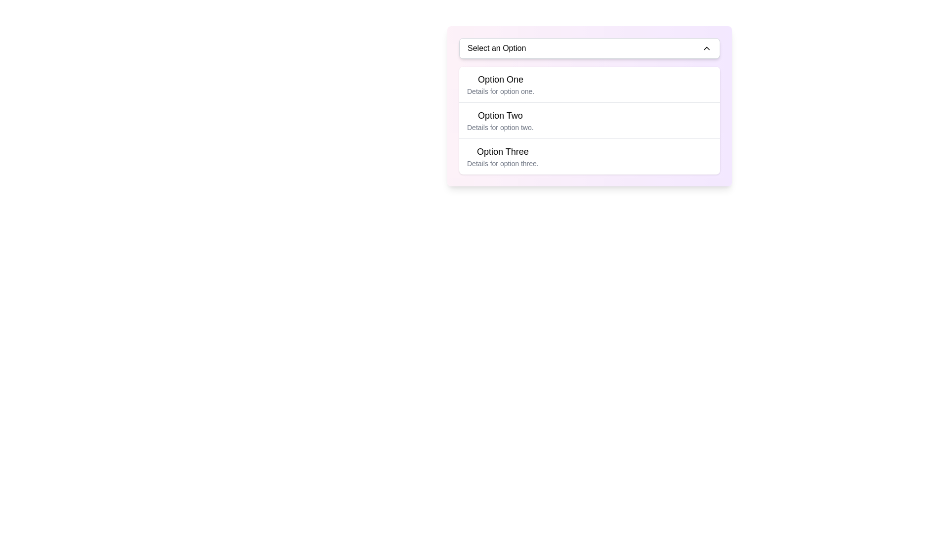 The image size is (949, 534). I want to click on the 'Select an Option' dropdown button, so click(590, 48).